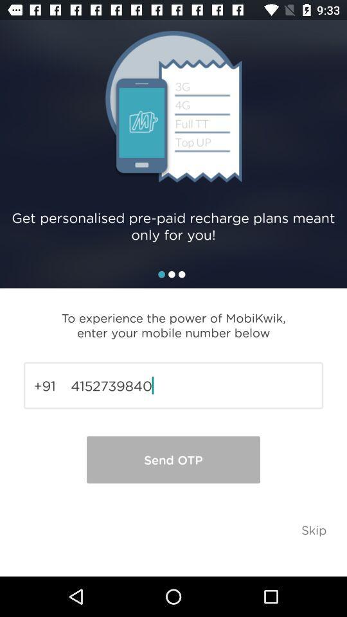 The image size is (347, 617). Describe the element at coordinates (173, 460) in the screenshot. I see `icon below 4152739840` at that location.